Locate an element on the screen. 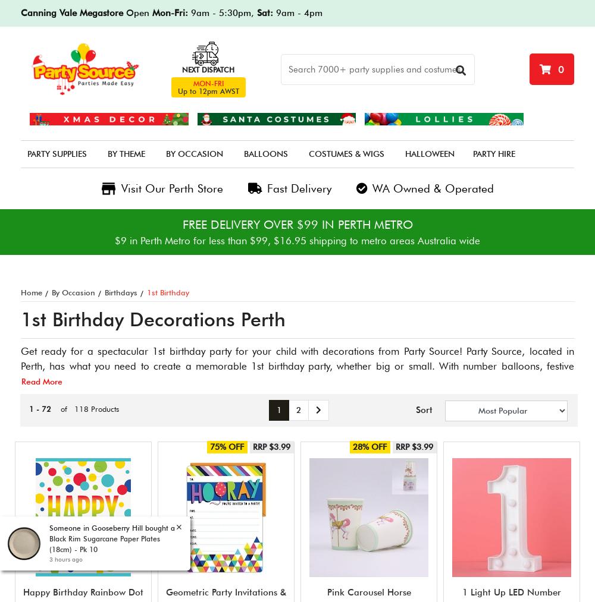 This screenshot has width=595, height=602. '0' is located at coordinates (560, 70).